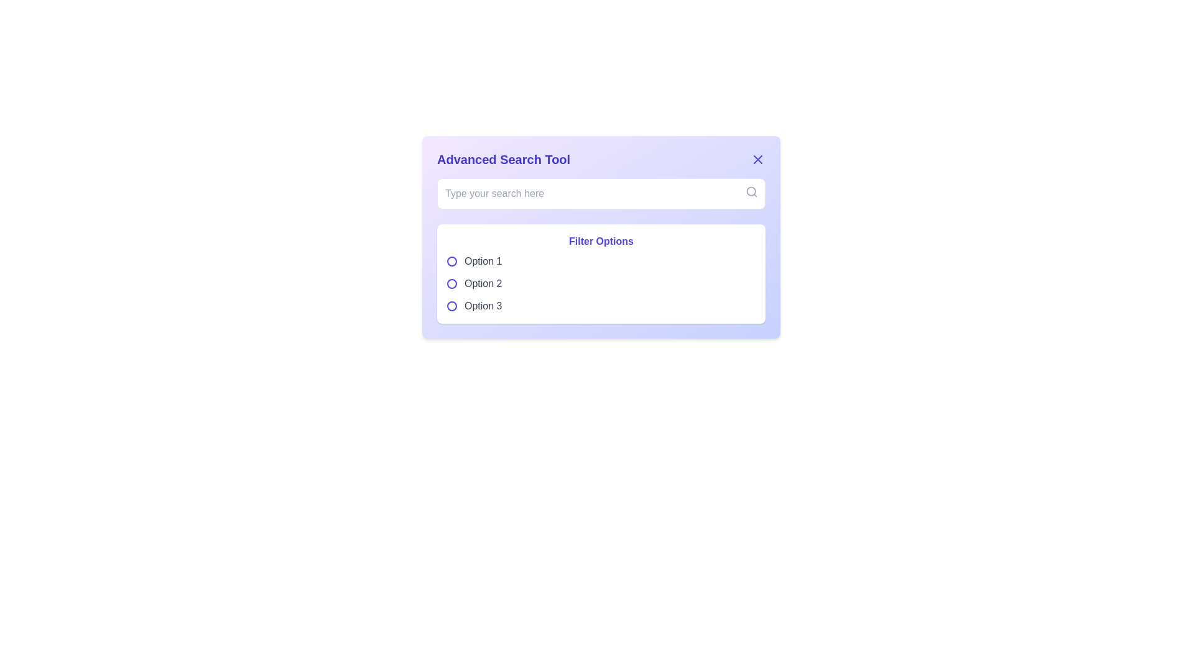 The width and height of the screenshot is (1194, 671). What do you see at coordinates (751, 191) in the screenshot?
I see `search icon located at the top-right corner inside the input field with placeholder text 'Type your search here' for design consistency` at bounding box center [751, 191].